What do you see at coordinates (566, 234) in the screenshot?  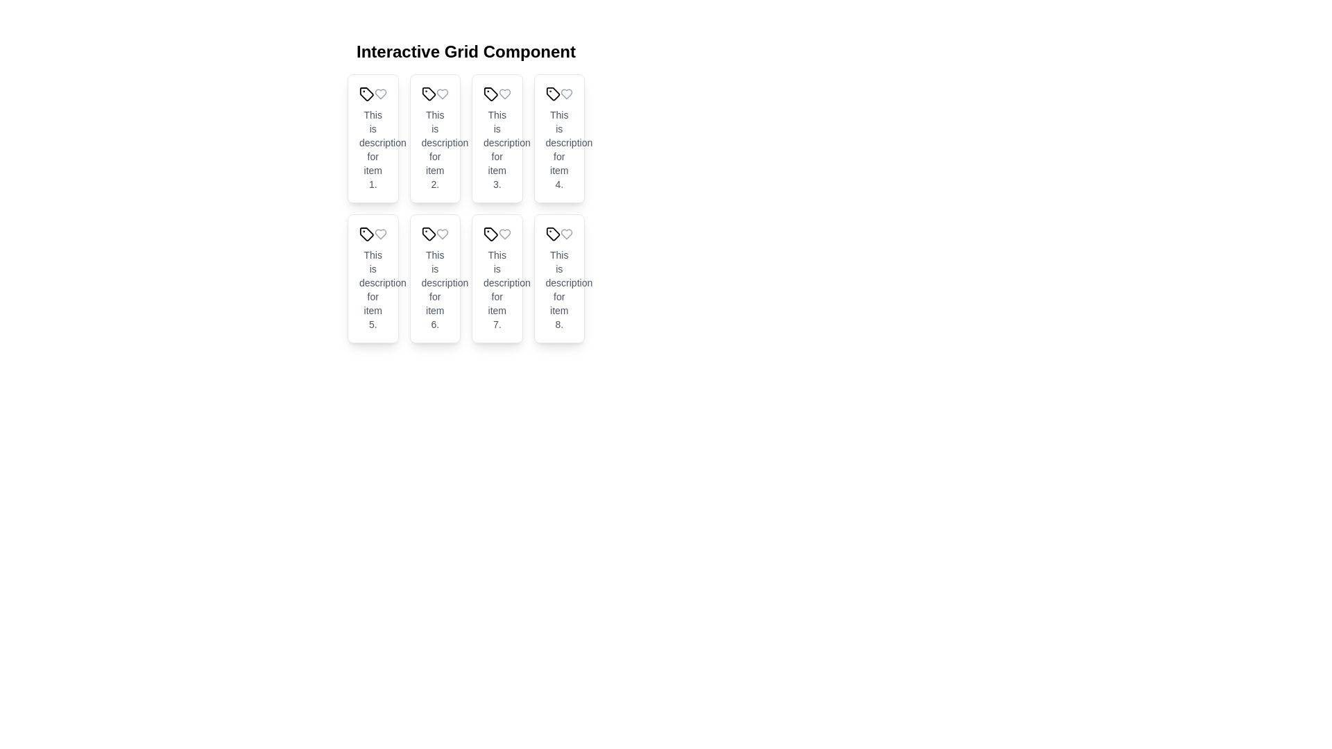 I see `the heart-shaped icon located in the upper-right corner of the card labeled 'Tile 8'` at bounding box center [566, 234].